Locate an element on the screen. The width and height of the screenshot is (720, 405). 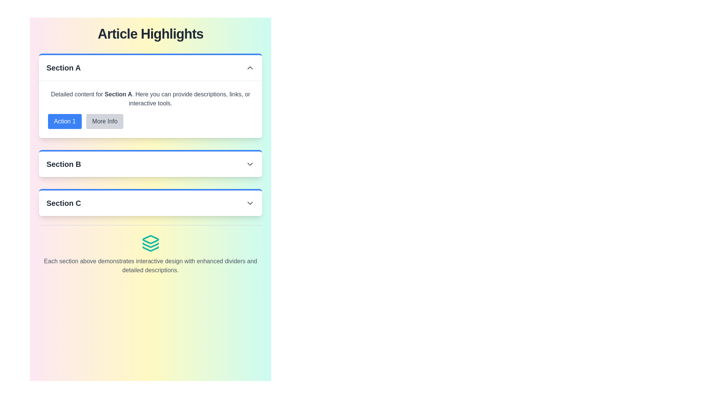
the 'Section C' text display, which is styled in bold and larger font, located in the header of the collapsible section is located at coordinates (64, 203).